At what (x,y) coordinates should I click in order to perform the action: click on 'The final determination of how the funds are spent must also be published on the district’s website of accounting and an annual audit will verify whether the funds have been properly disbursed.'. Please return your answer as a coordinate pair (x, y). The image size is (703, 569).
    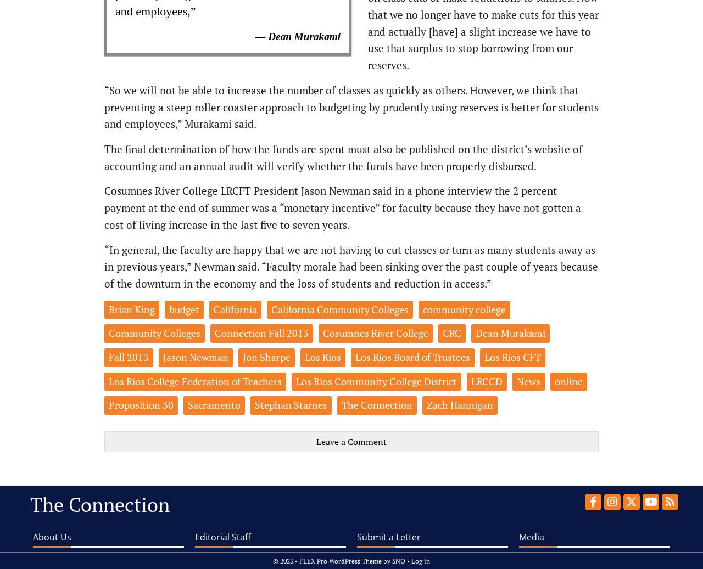
    Looking at the image, I should click on (343, 156).